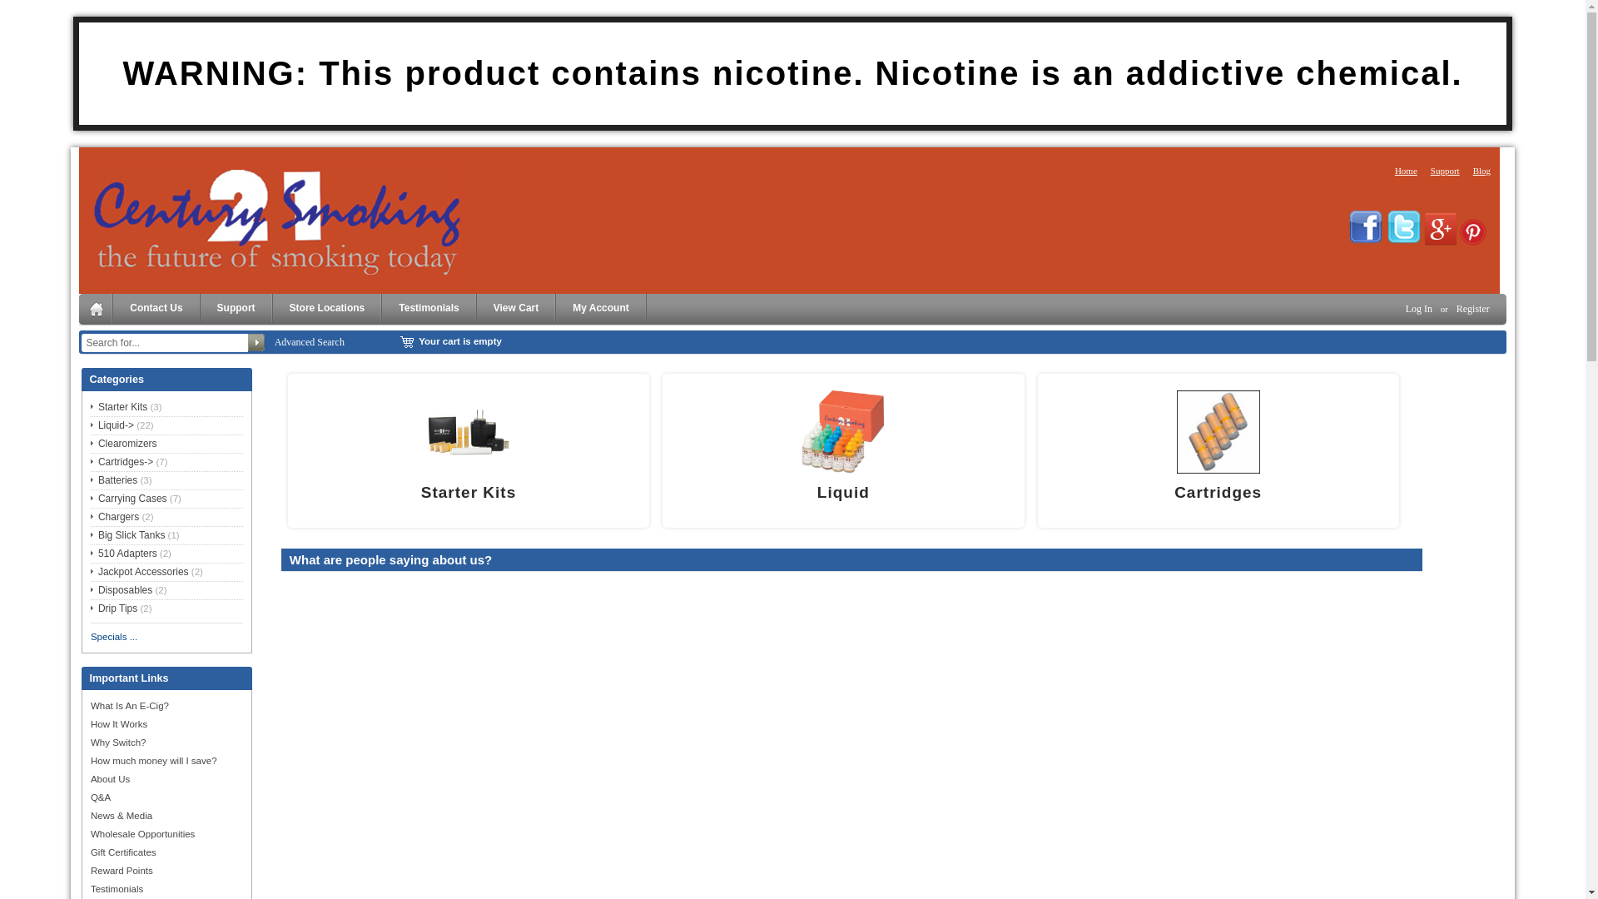 The height and width of the screenshot is (899, 1598). What do you see at coordinates (90, 852) in the screenshot?
I see `'Gift Certificates'` at bounding box center [90, 852].